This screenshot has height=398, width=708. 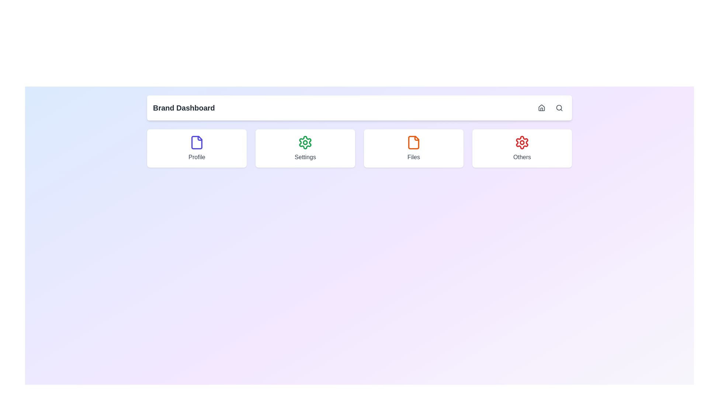 What do you see at coordinates (305, 142) in the screenshot?
I see `the green and white cogwheel icon located in the settings card labeled 'Settings'` at bounding box center [305, 142].